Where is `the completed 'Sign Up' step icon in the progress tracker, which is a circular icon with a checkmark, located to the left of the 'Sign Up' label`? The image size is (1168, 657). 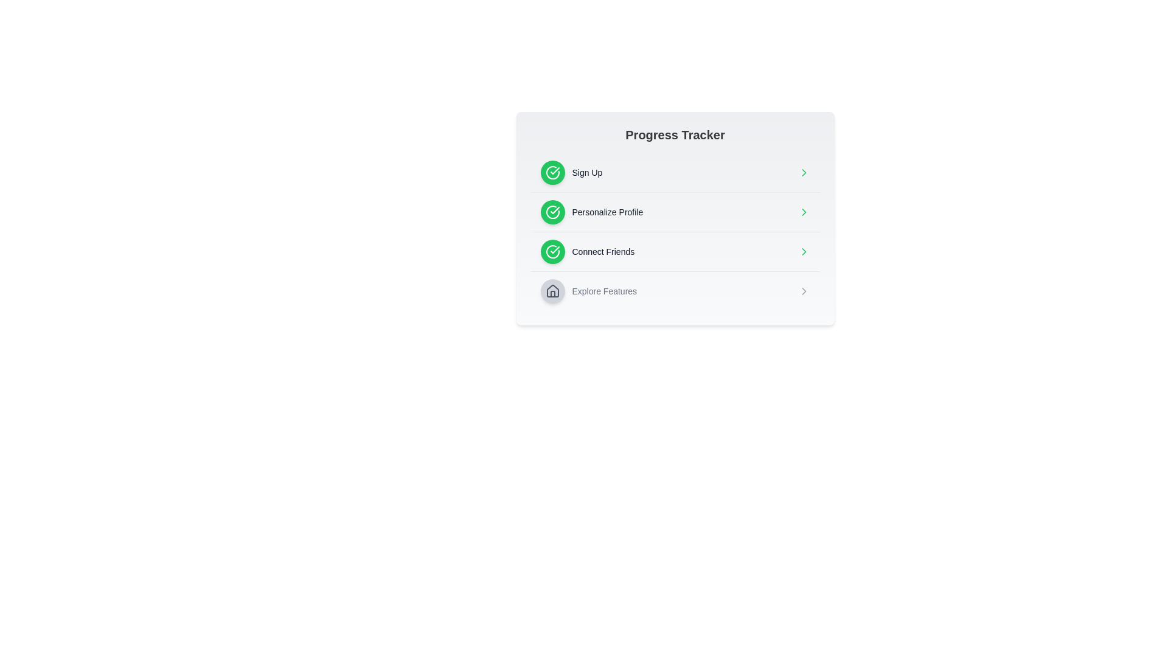
the completed 'Sign Up' step icon in the progress tracker, which is a circular icon with a checkmark, located to the left of the 'Sign Up' label is located at coordinates (554, 210).